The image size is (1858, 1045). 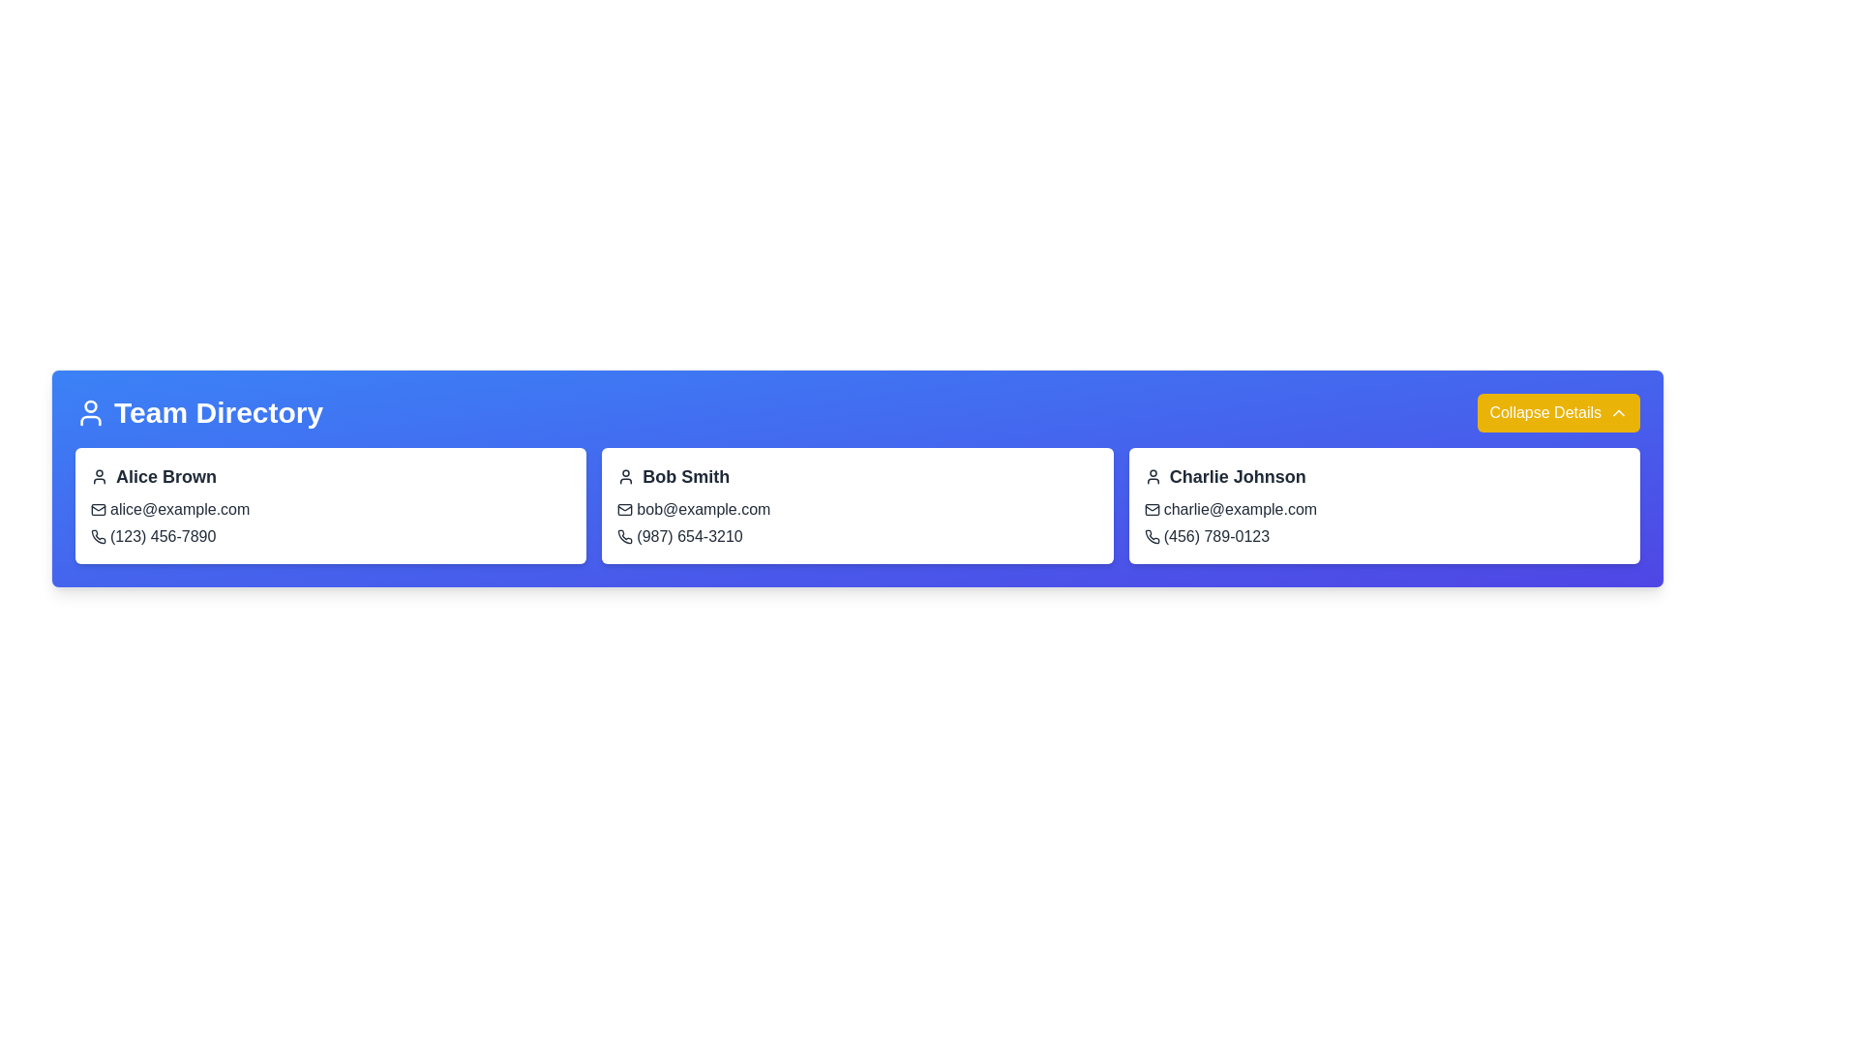 I want to click on the phone icon located within Bob Smith's contact card, which indicates a calling functionality, so click(x=625, y=537).